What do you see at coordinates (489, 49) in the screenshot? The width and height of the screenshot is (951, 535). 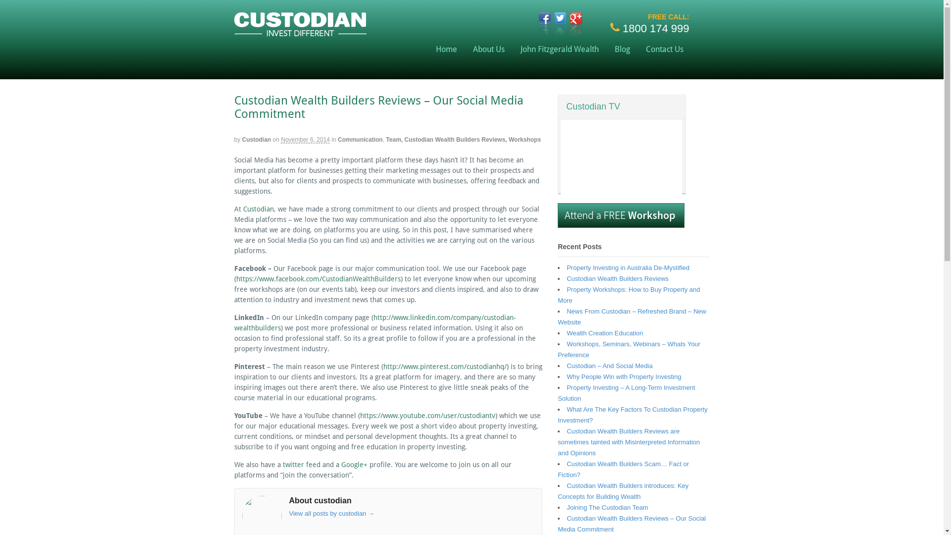 I see `'About Us'` at bounding box center [489, 49].